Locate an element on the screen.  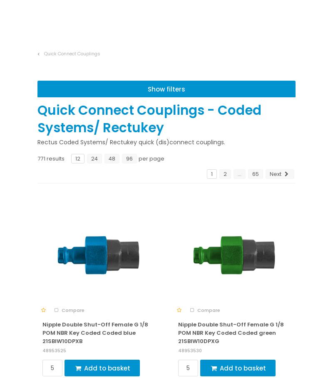
'sales engineers for a quote' is located at coordinates (234, 285).